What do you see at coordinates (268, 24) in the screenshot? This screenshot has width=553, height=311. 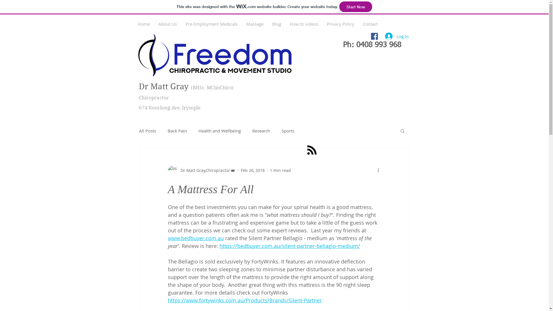 I see `'Blog'` at bounding box center [268, 24].